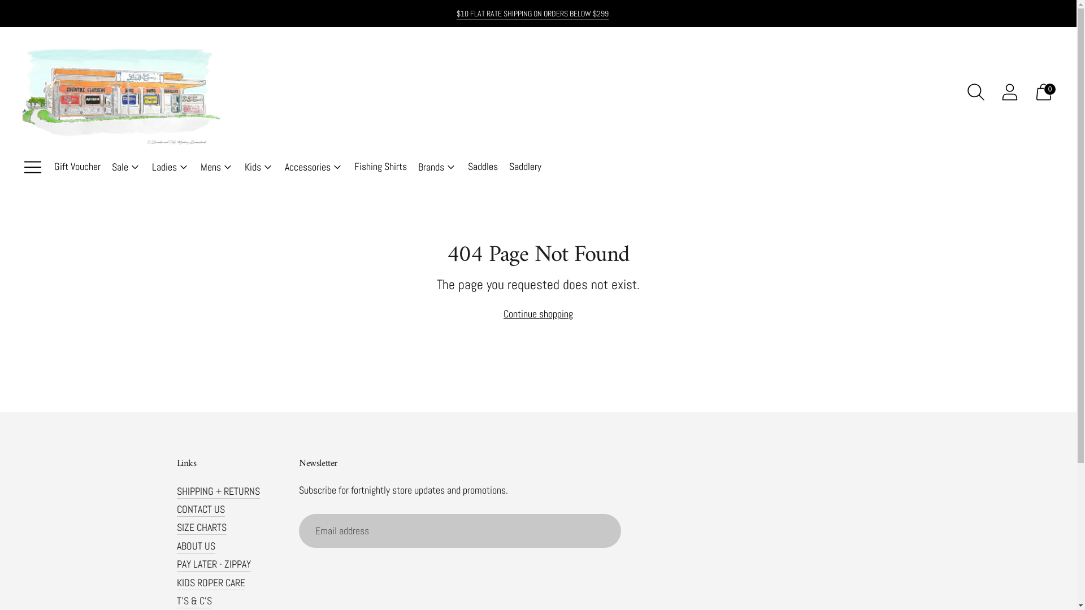  What do you see at coordinates (285, 167) in the screenshot?
I see `'Accessories'` at bounding box center [285, 167].